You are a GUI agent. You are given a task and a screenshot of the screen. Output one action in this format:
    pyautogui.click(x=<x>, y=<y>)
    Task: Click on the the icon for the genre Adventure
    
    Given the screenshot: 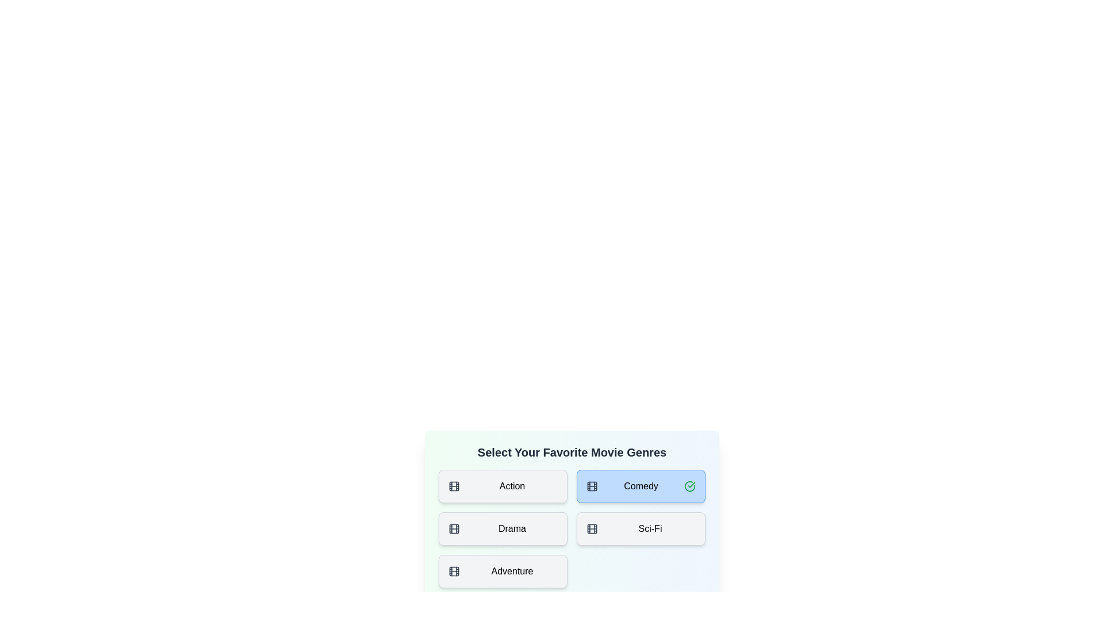 What is the action you would take?
    pyautogui.click(x=454, y=572)
    